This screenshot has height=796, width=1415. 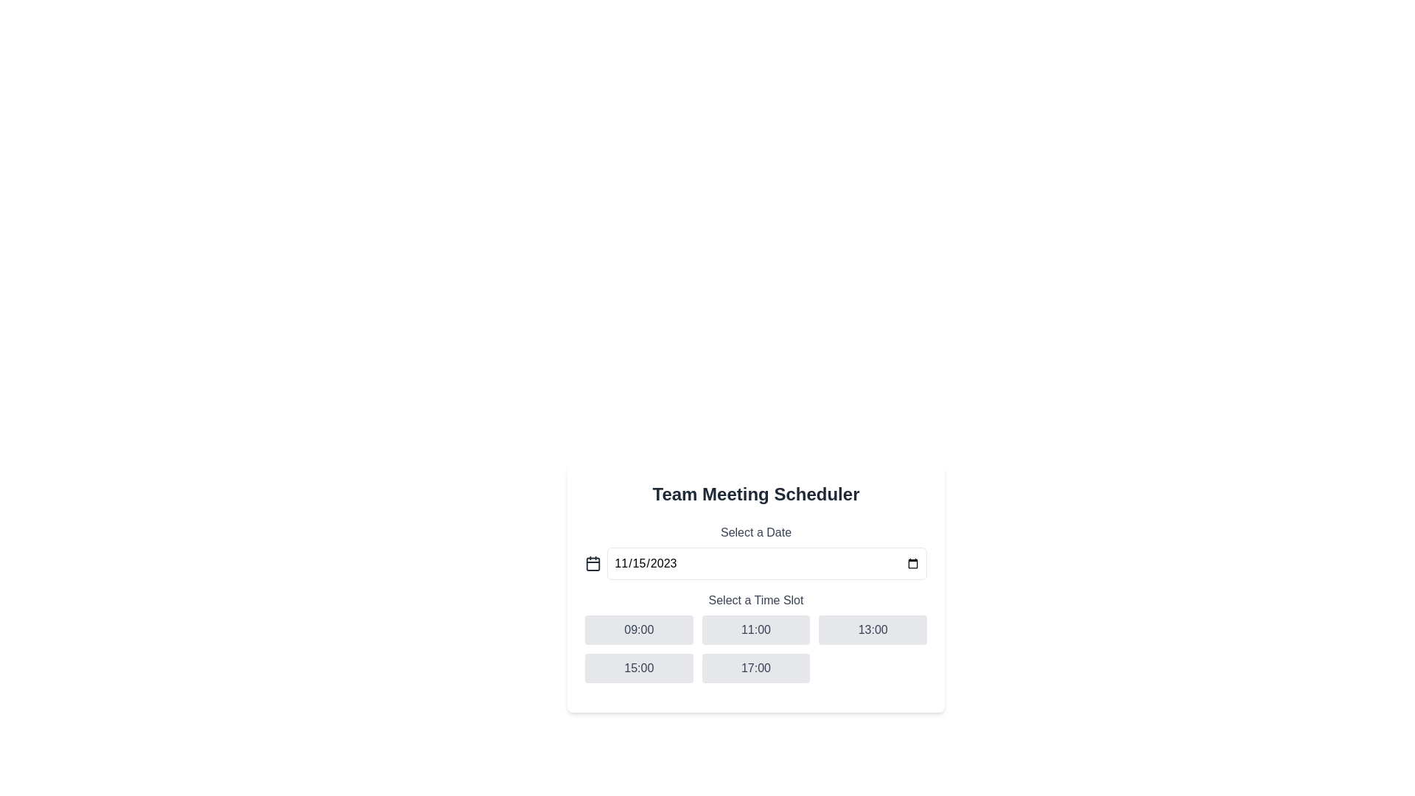 What do you see at coordinates (766, 563) in the screenshot?
I see `to select portions of the date value in the date input field located under the 'Select a Date' section of the 'Team Meeting Scheduler' interface` at bounding box center [766, 563].